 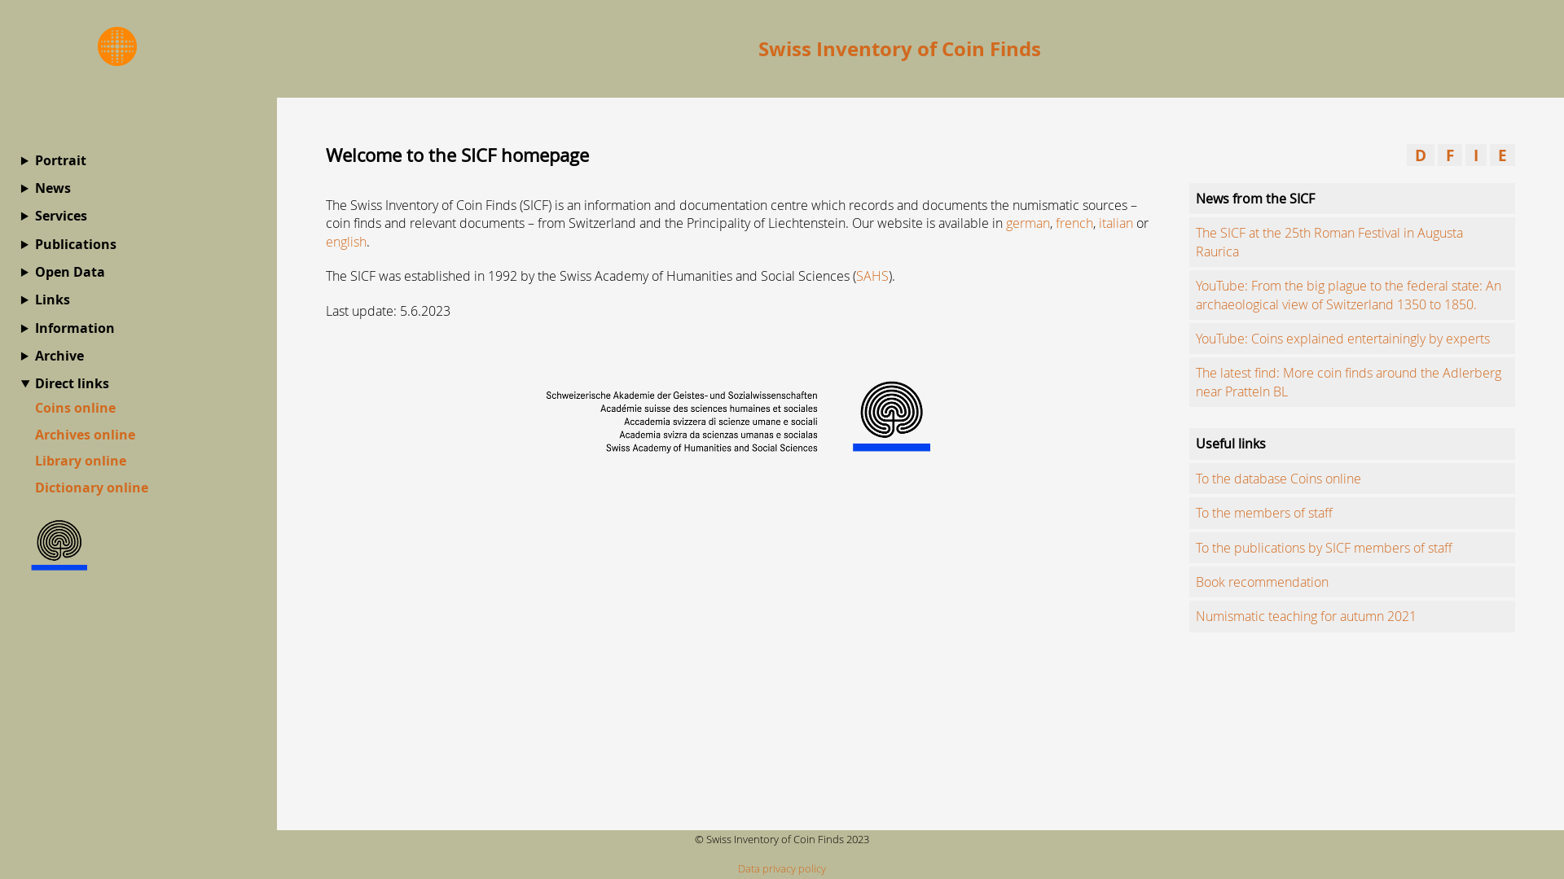 What do you see at coordinates (1056, 222) in the screenshot?
I see `'french'` at bounding box center [1056, 222].